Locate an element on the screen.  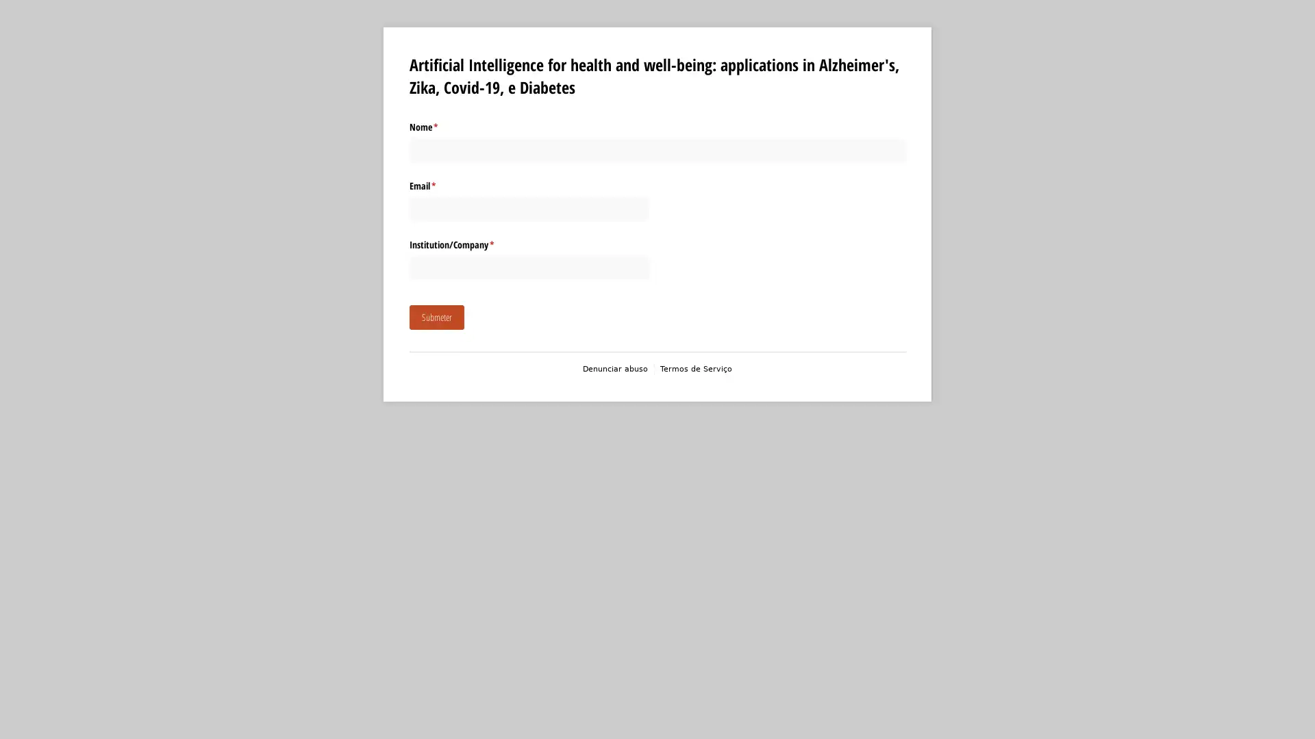
Submeter is located at coordinates (436, 317).